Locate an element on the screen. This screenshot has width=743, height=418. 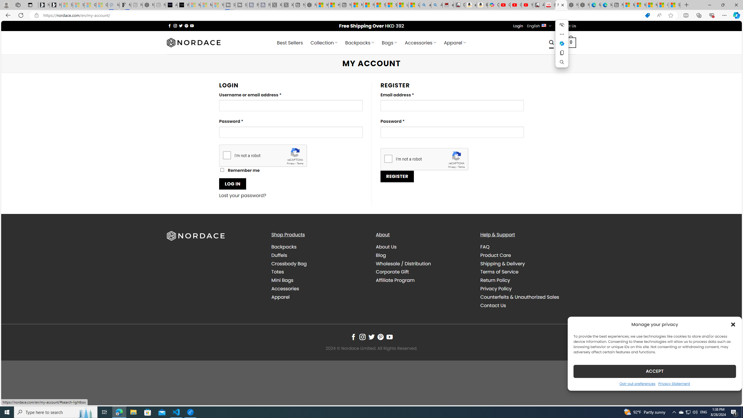
'Settings and more (Alt+F)' is located at coordinates (724, 15).